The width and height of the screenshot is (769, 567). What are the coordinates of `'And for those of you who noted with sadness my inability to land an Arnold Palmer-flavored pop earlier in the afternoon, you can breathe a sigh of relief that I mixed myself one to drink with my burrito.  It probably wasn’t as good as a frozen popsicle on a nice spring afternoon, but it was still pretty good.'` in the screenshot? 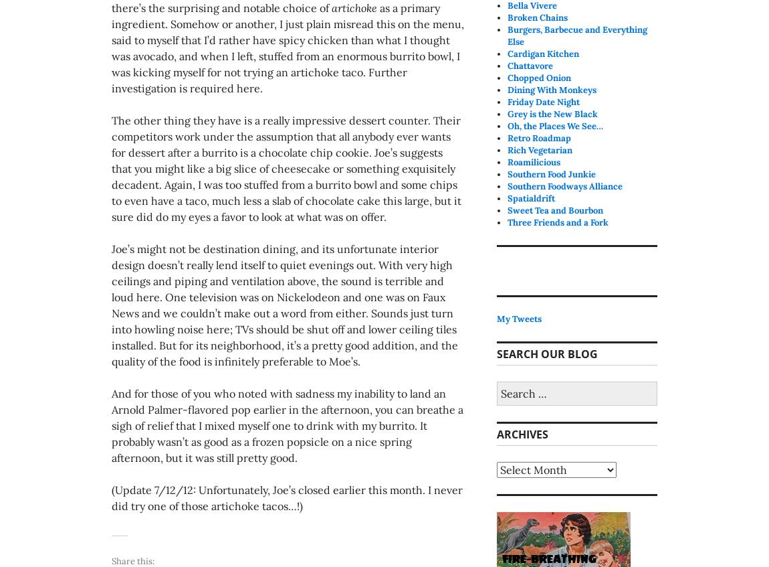 It's located at (287, 424).